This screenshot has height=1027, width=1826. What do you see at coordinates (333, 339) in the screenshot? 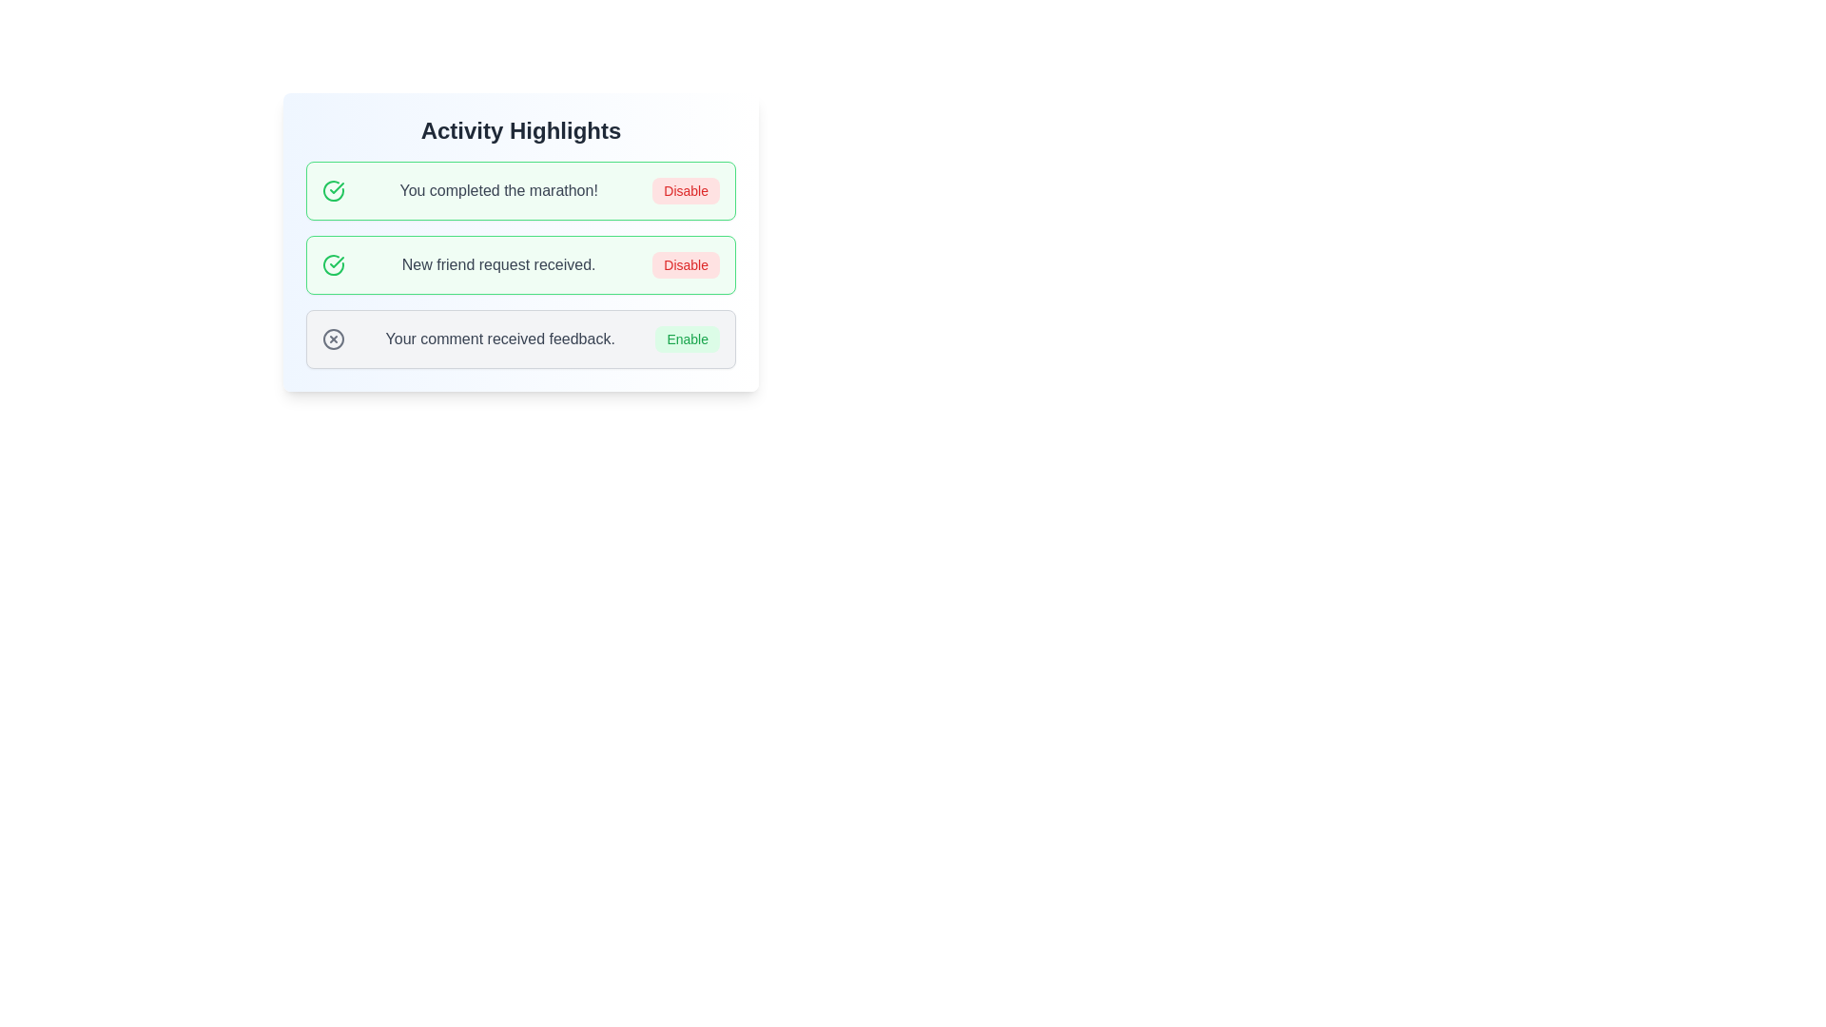
I see `the circular graphical icon that is the leftmost element within the third notification item labeled 'Your comment received feedback.'` at bounding box center [333, 339].